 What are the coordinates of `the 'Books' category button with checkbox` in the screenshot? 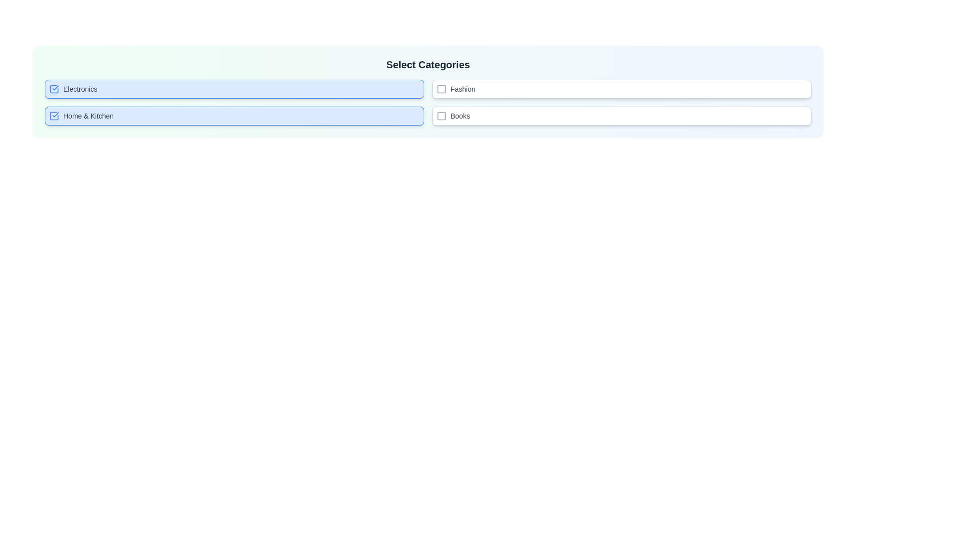 It's located at (621, 115).